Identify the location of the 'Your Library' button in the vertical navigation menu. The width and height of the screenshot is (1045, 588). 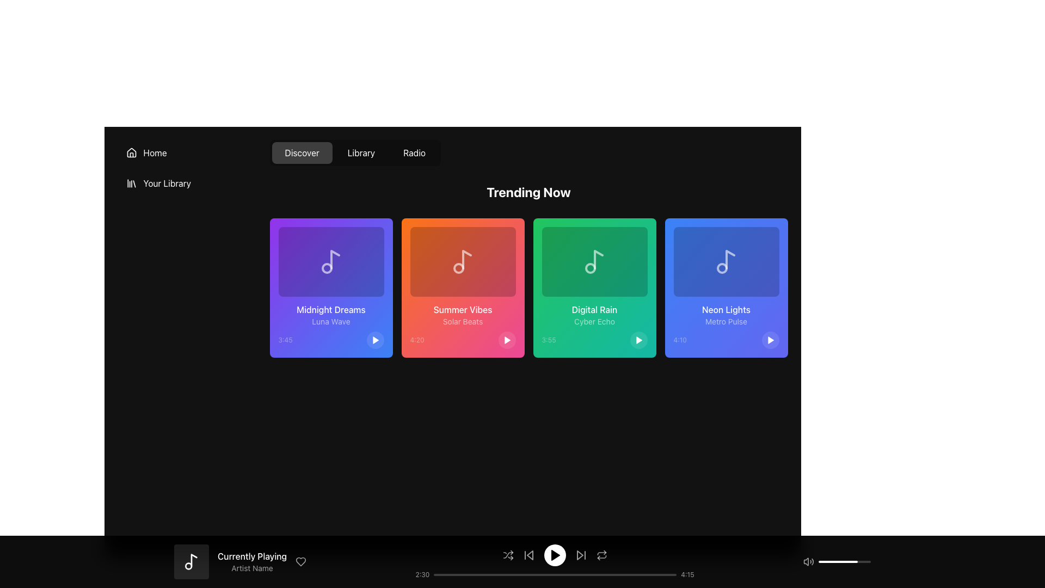
(187, 182).